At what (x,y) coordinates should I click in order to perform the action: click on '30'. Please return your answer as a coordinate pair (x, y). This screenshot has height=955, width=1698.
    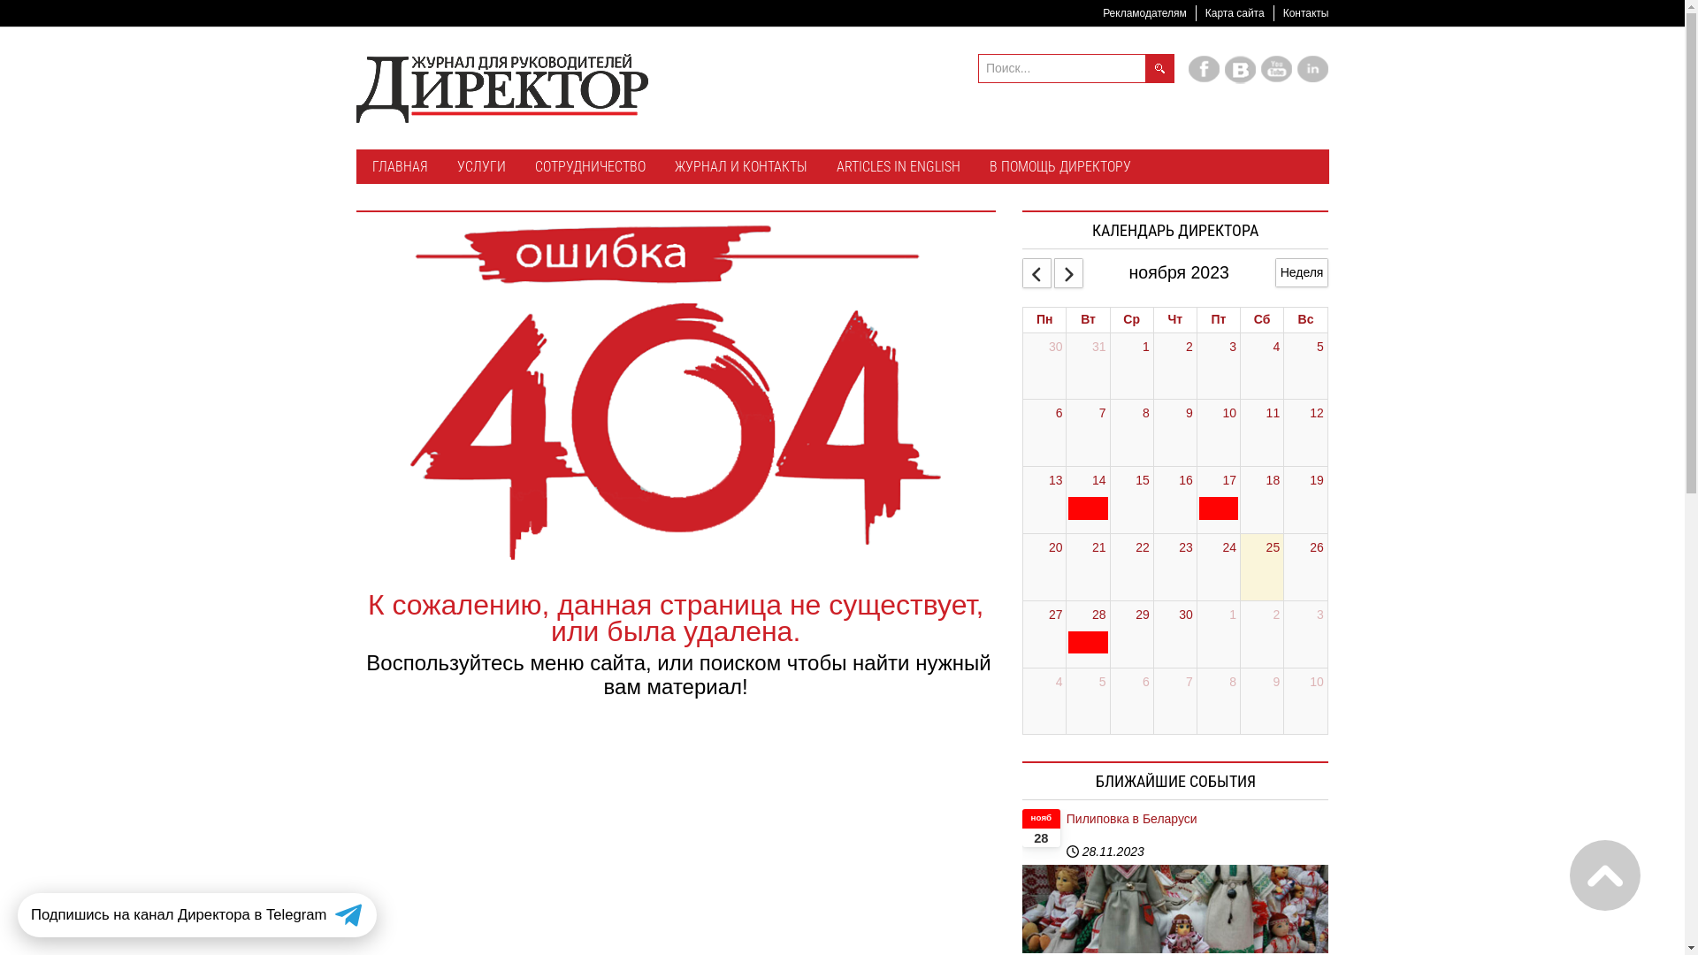
    Looking at the image, I should click on (1175, 614).